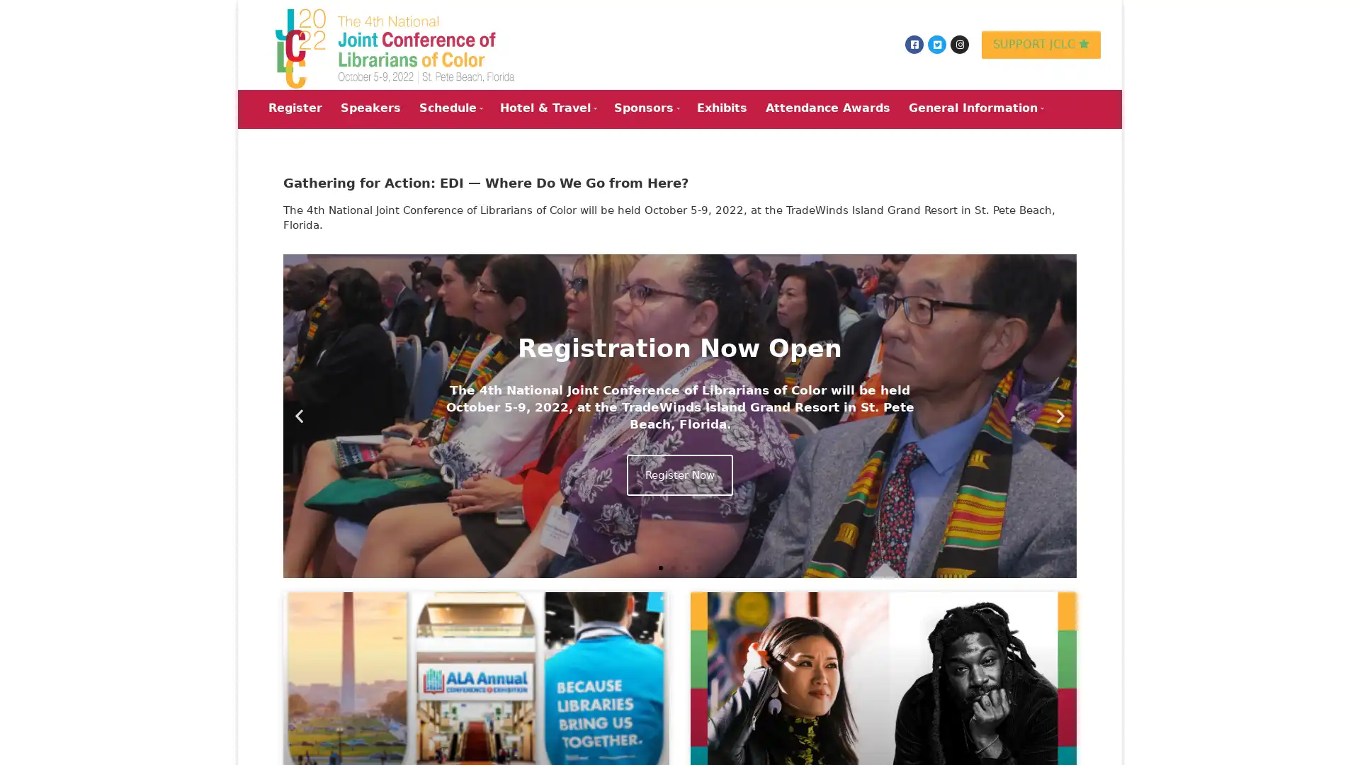 This screenshot has height=765, width=1360. Describe the element at coordinates (1060, 414) in the screenshot. I see `Next slide` at that location.